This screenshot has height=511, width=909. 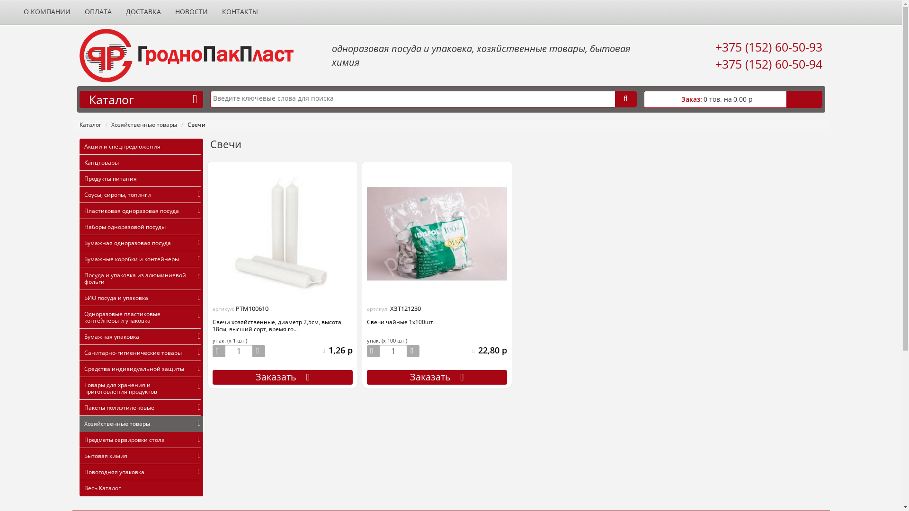 I want to click on '-', so click(x=218, y=351).